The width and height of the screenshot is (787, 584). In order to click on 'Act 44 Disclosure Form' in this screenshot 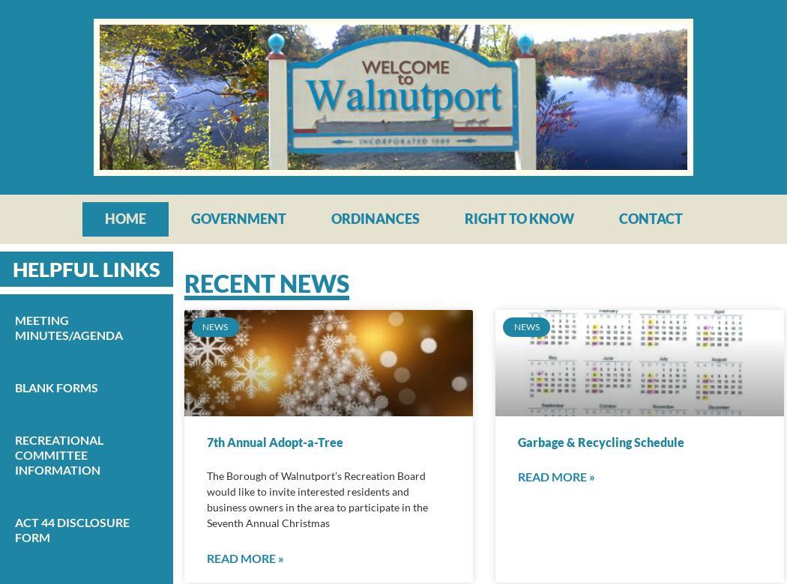, I will do `click(72, 528)`.